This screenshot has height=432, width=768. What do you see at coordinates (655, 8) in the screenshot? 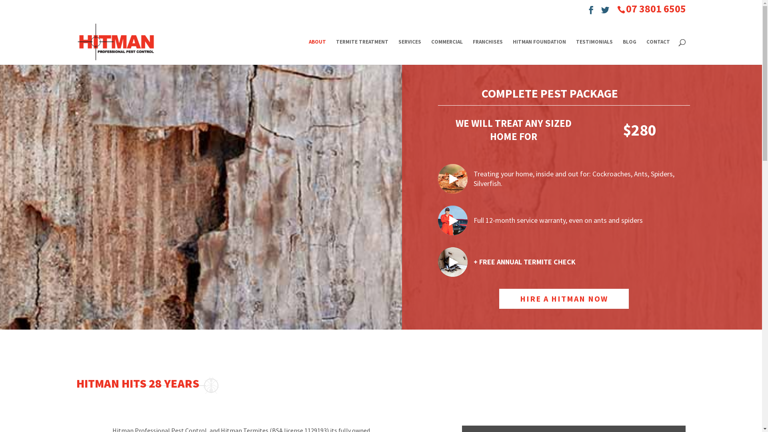
I see `'07 3801 6505'` at bounding box center [655, 8].